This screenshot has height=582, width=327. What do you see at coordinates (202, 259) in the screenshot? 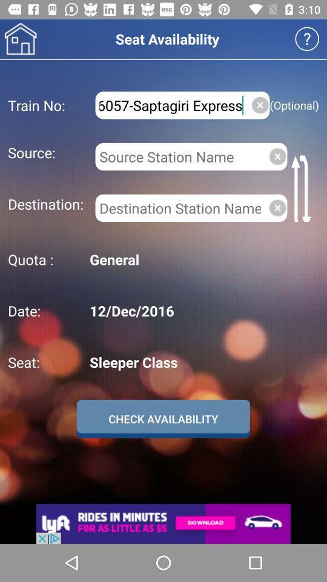
I see `the icon next to the quota : item` at bounding box center [202, 259].